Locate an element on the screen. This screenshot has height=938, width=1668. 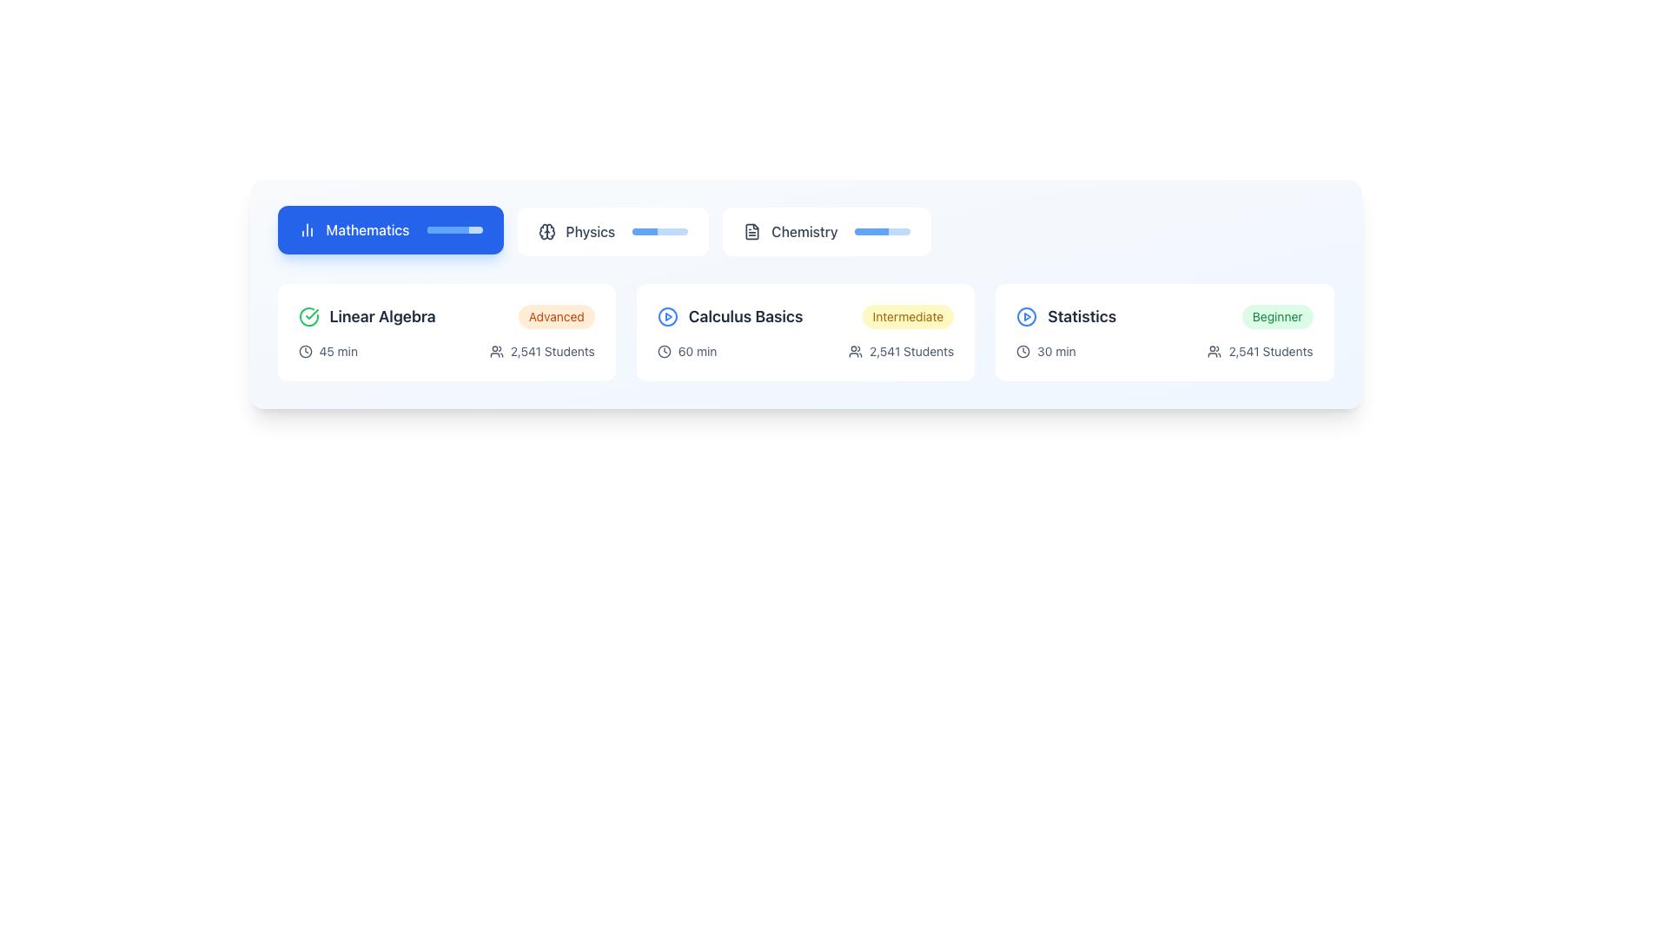
the text with icon display showing the number of students enrolled in the course, located at the bottom-right corner of the 'Statistics' course card is located at coordinates (1260, 352).